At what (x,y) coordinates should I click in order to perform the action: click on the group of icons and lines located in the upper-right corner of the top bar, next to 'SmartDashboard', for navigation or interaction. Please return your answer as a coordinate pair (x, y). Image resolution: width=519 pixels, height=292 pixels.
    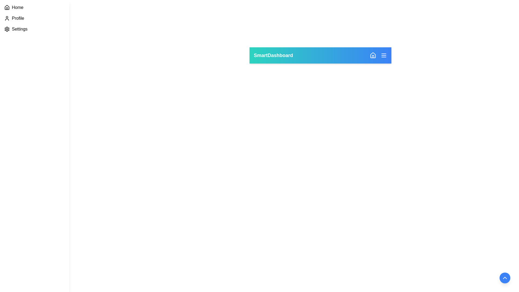
    Looking at the image, I should click on (378, 55).